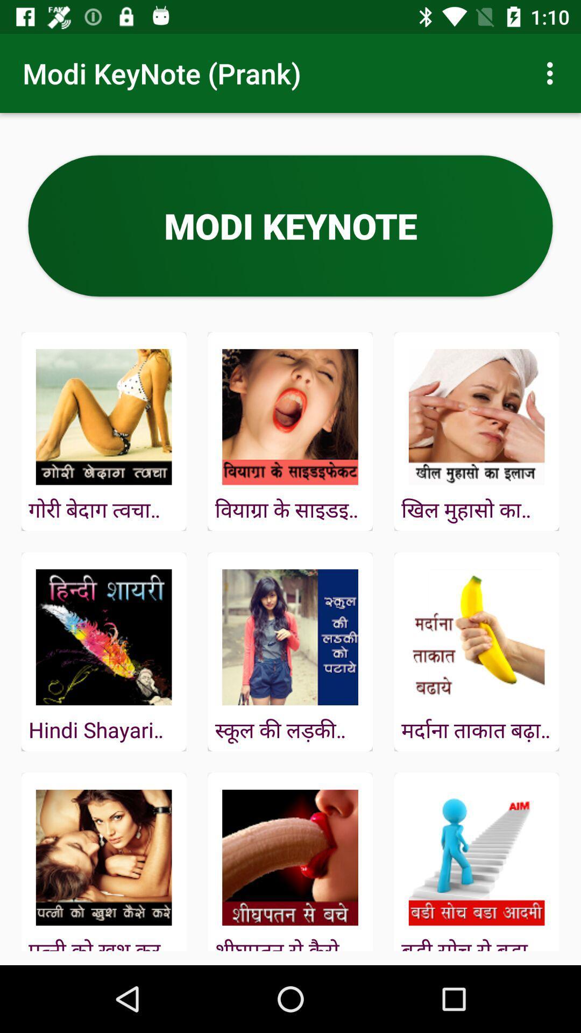 The image size is (581, 1033). I want to click on item at the top right corner, so click(552, 73).